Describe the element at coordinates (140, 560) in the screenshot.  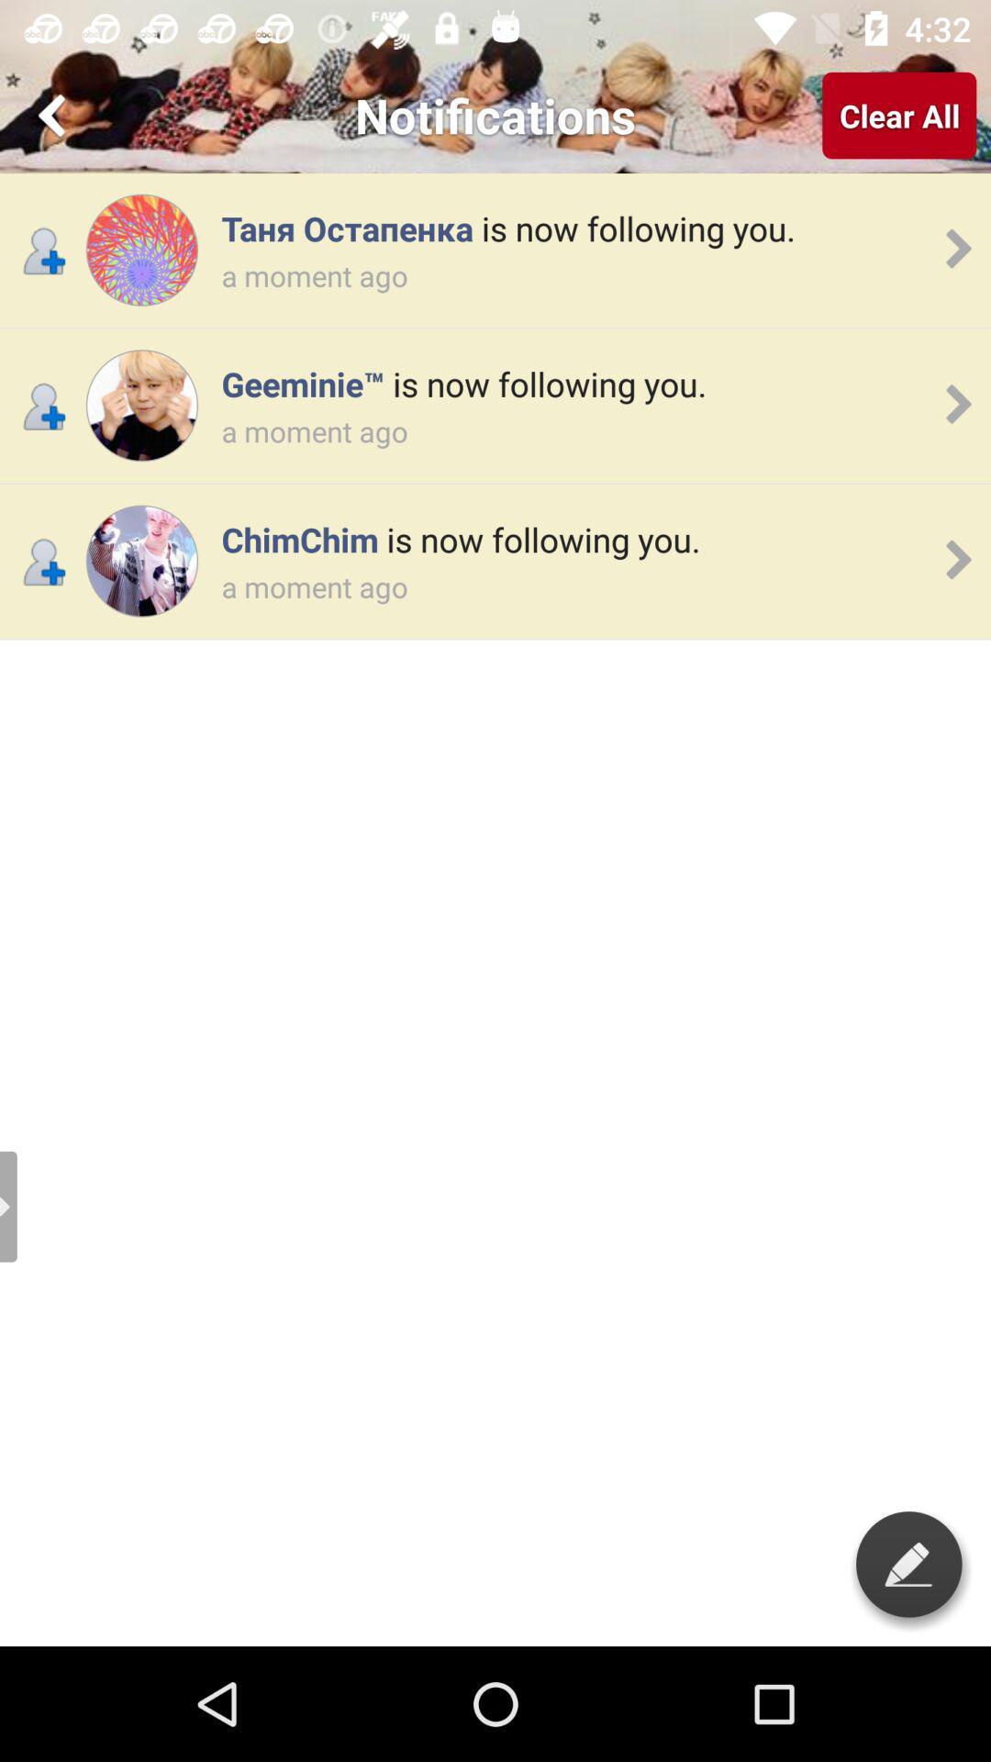
I see `user avatar` at that location.